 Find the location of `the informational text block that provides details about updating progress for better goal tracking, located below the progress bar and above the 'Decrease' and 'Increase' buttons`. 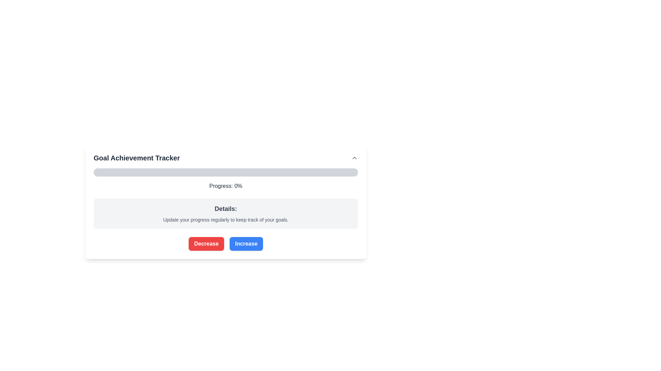

the informational text block that provides details about updating progress for better goal tracking, located below the progress bar and above the 'Decrease' and 'Increase' buttons is located at coordinates (226, 213).